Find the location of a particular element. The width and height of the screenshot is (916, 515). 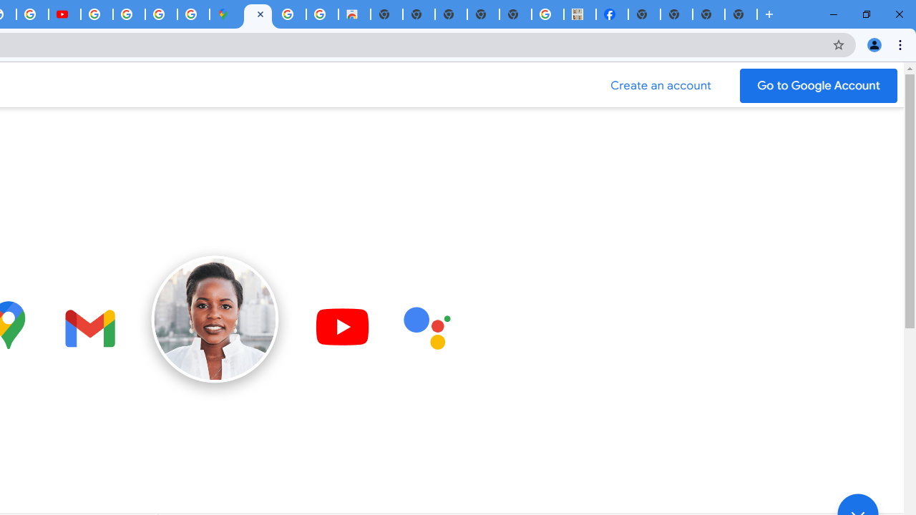

'How Chrome protects your passwords - Google Chrome Help' is located at coordinates (96, 14).